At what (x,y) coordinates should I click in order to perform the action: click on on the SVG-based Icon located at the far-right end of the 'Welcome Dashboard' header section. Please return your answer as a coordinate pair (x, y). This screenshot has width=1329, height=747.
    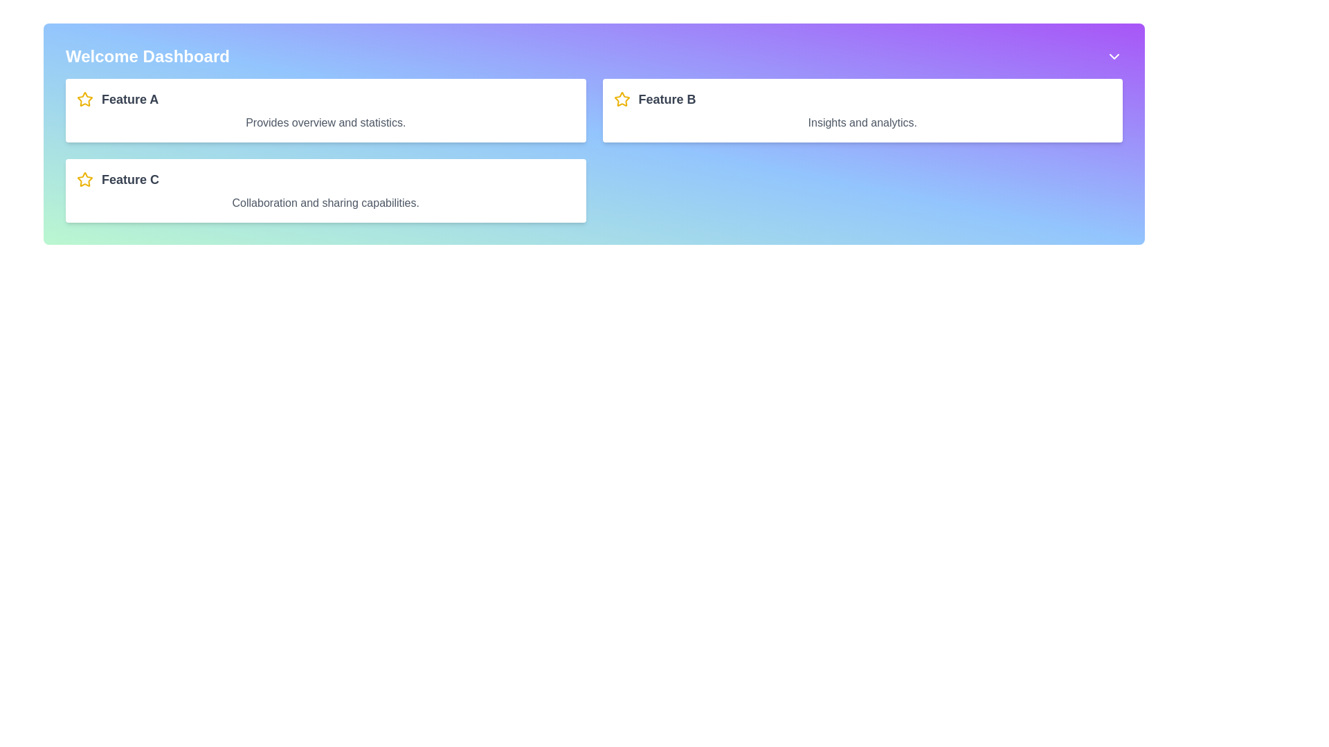
    Looking at the image, I should click on (1114, 55).